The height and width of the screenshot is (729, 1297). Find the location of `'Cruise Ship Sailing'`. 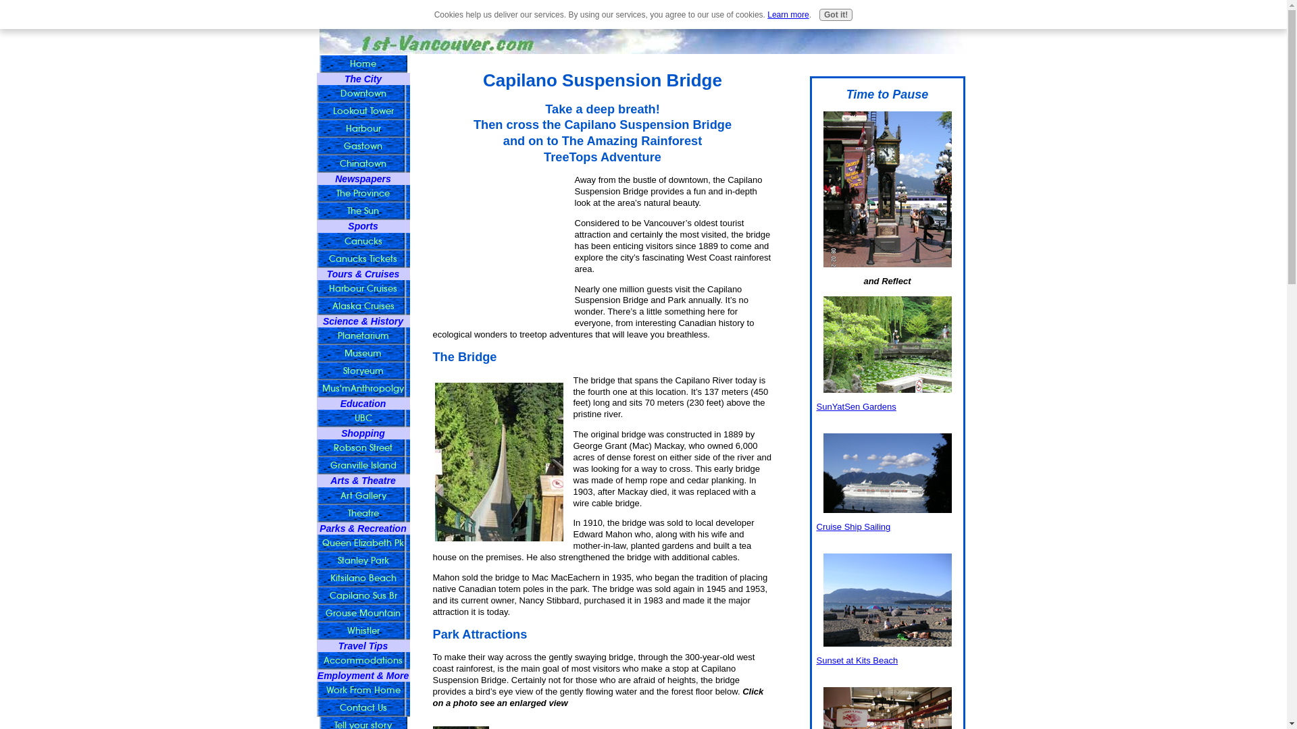

'Cruise Ship Sailing' is located at coordinates (852, 526).